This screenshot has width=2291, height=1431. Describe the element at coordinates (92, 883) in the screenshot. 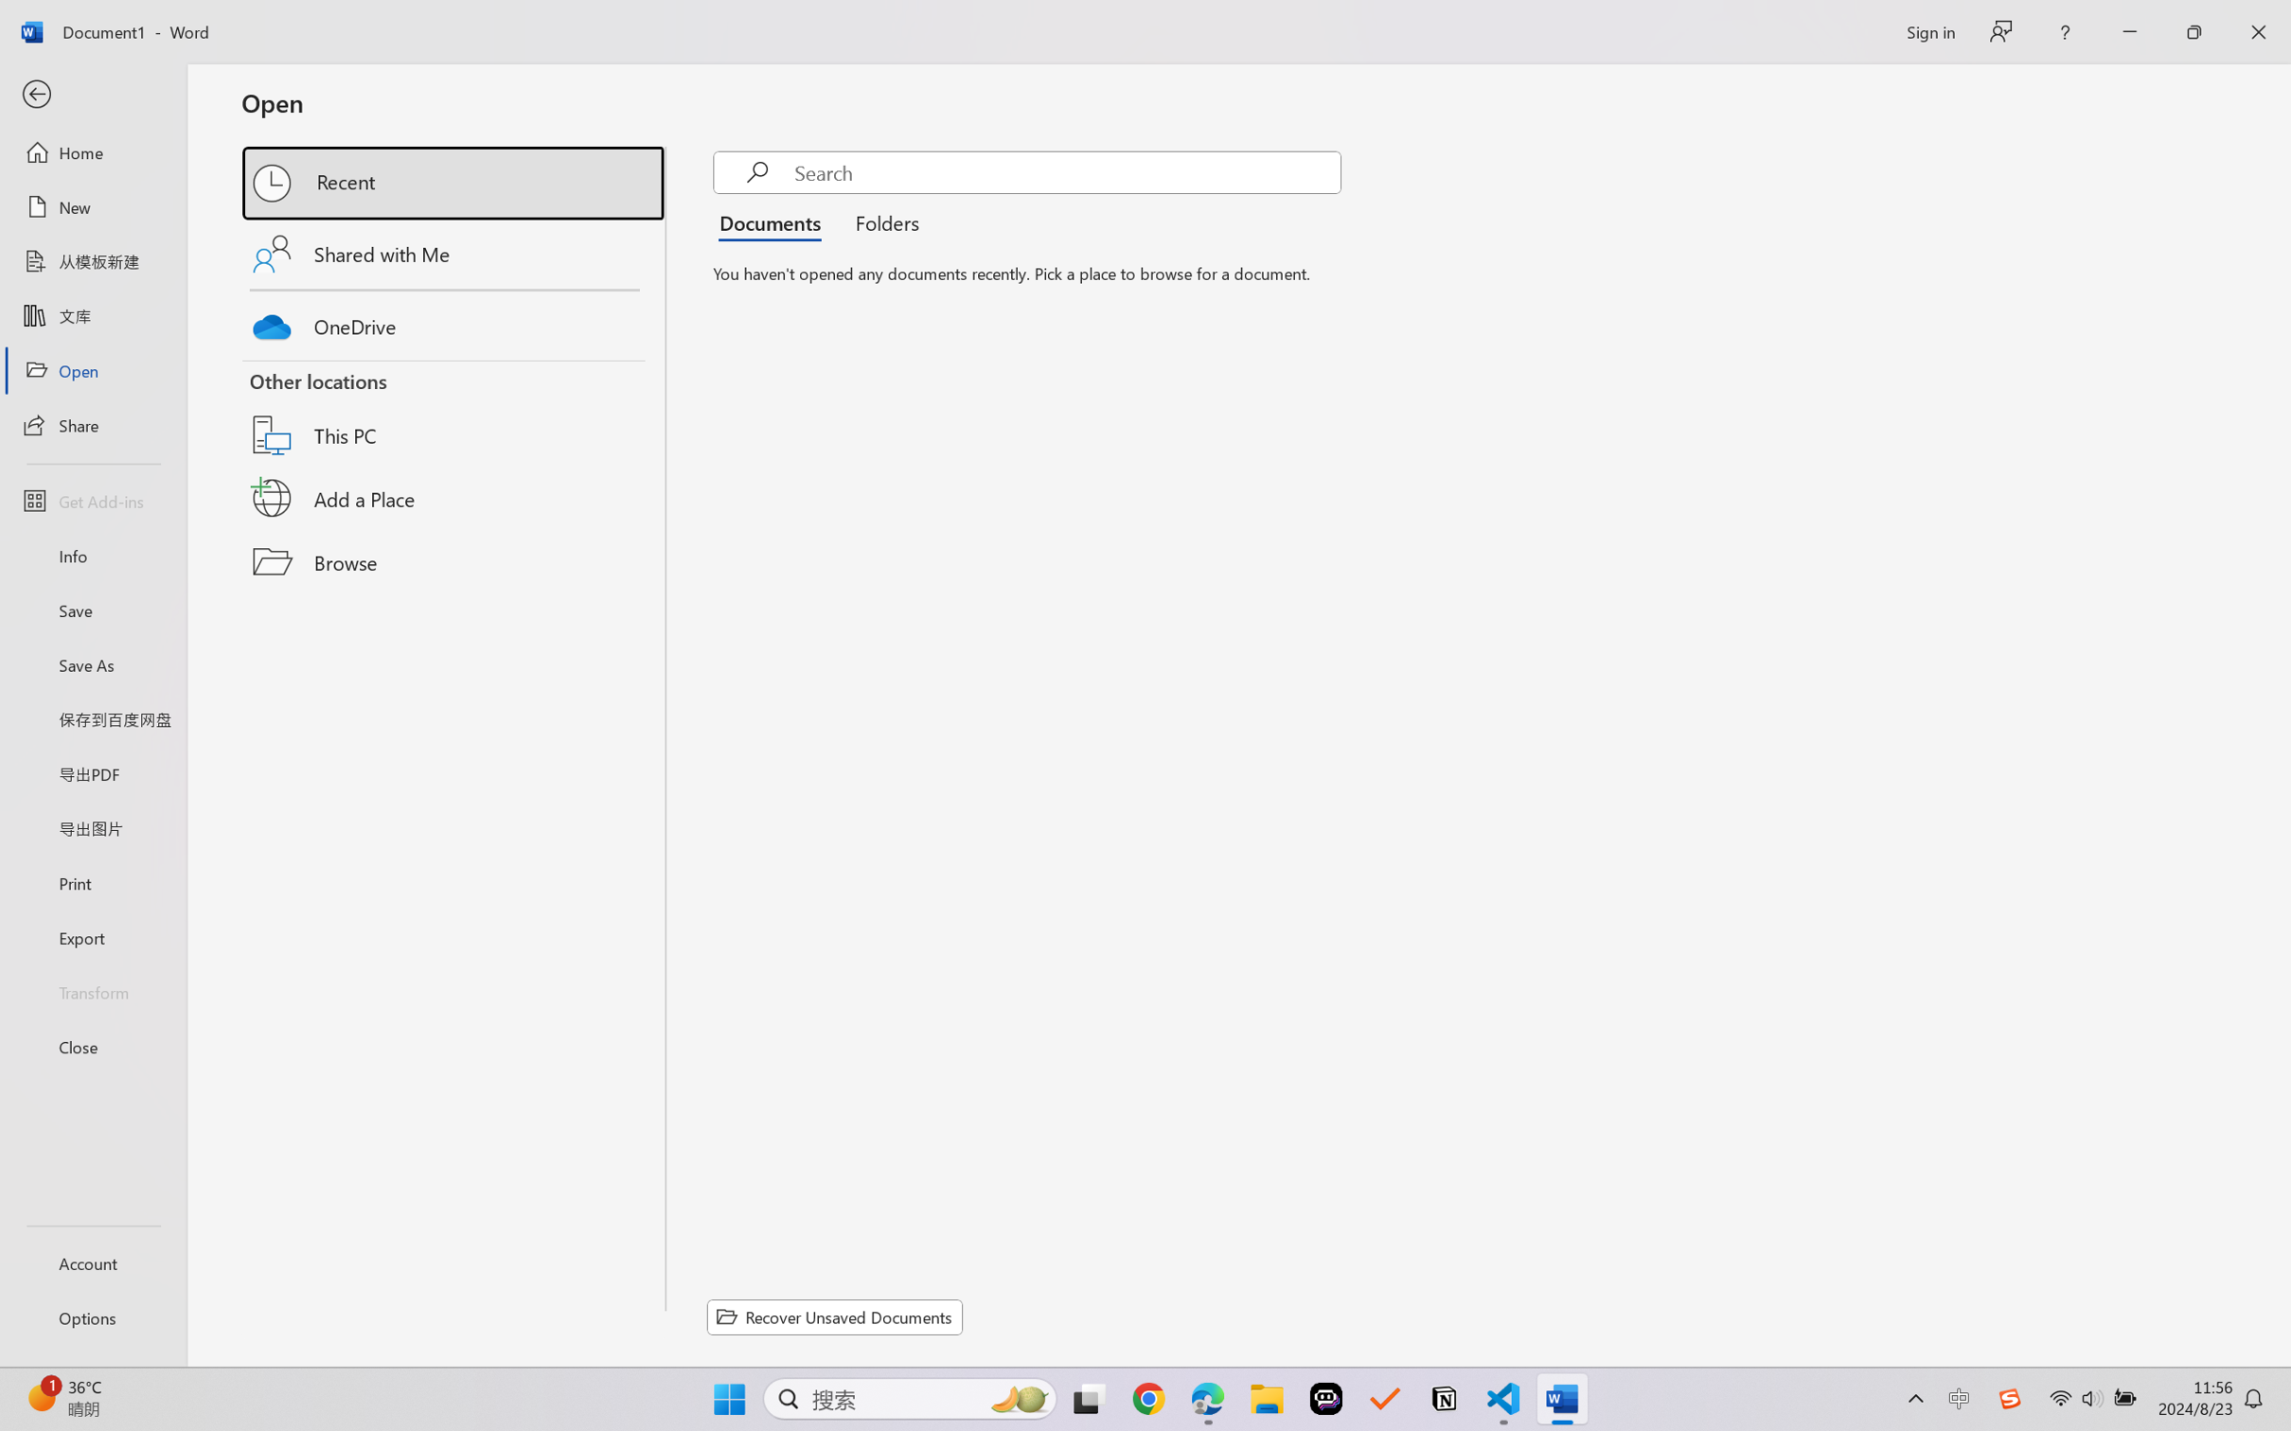

I see `'Print'` at that location.